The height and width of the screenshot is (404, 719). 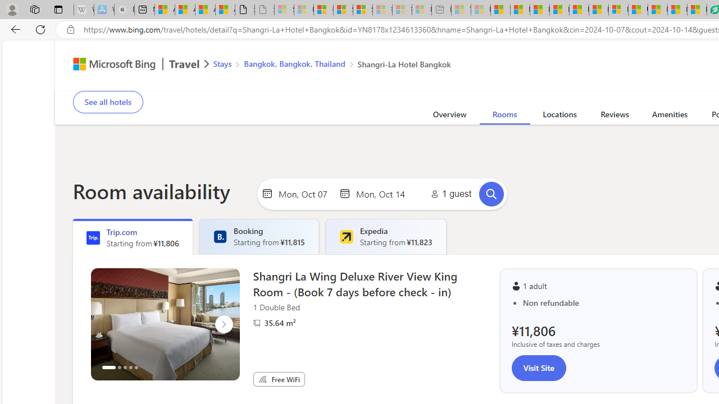 I want to click on 'Rooms', so click(x=504, y=116).